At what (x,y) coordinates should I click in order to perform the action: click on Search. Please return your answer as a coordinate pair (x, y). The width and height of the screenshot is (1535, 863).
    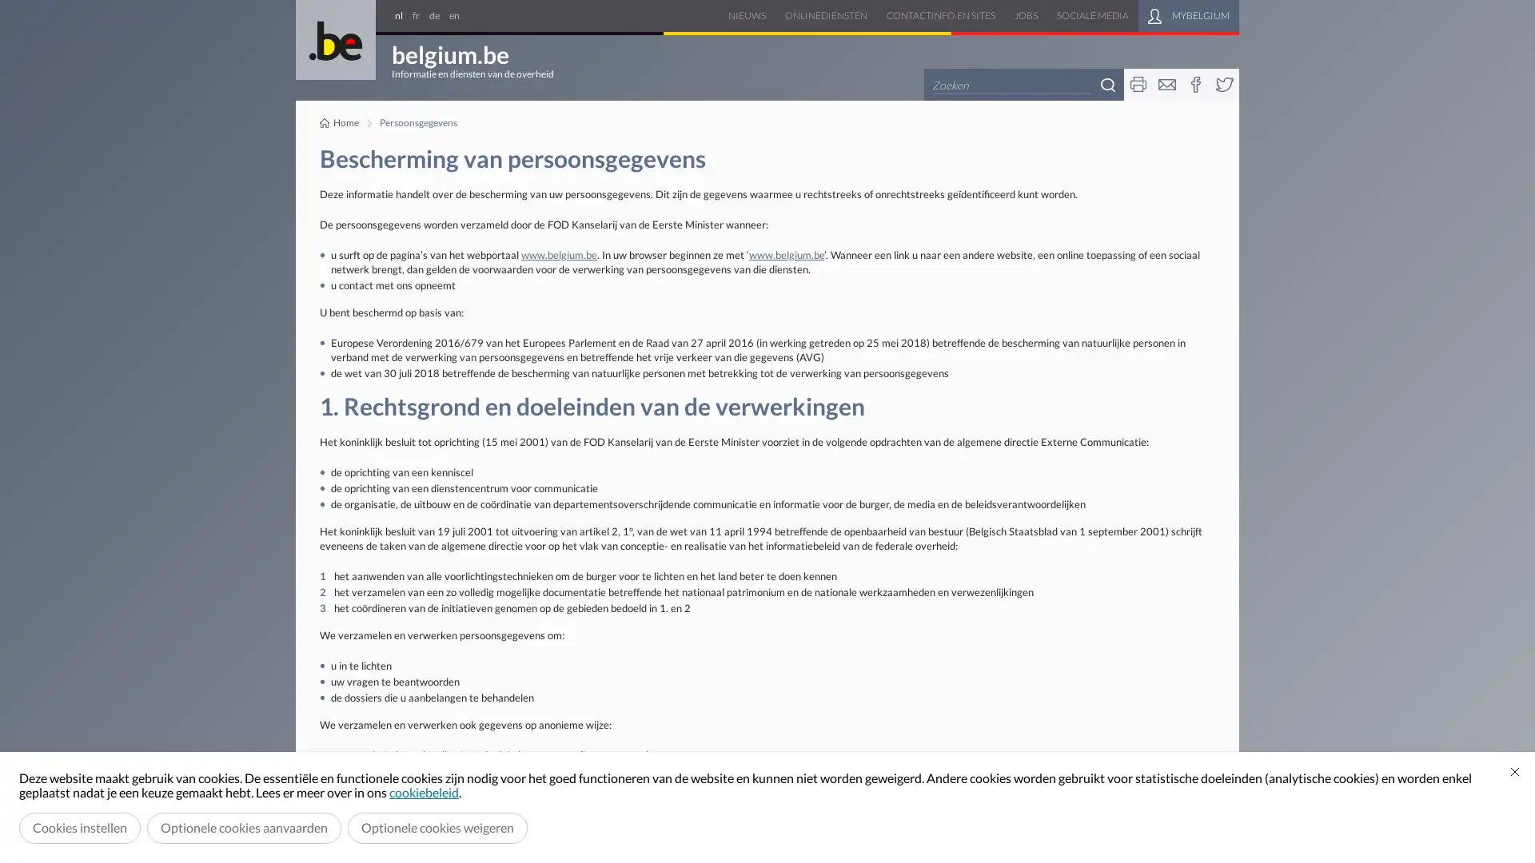
    Looking at the image, I should click on (1107, 84).